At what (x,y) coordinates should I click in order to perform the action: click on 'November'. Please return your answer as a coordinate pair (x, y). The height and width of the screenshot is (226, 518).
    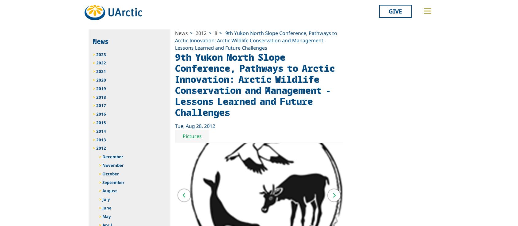
    Looking at the image, I should click on (112, 165).